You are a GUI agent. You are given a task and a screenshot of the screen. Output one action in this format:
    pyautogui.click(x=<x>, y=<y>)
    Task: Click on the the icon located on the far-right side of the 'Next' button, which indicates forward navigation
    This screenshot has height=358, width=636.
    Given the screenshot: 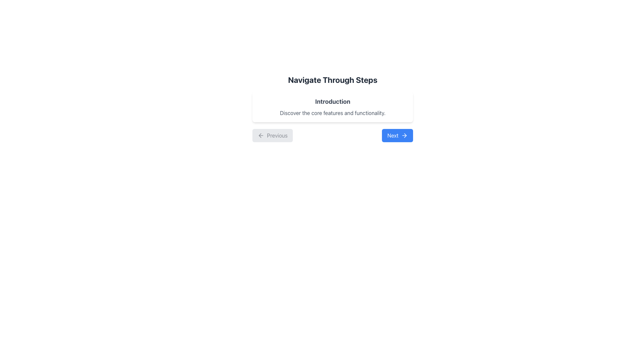 What is the action you would take?
    pyautogui.click(x=405, y=135)
    